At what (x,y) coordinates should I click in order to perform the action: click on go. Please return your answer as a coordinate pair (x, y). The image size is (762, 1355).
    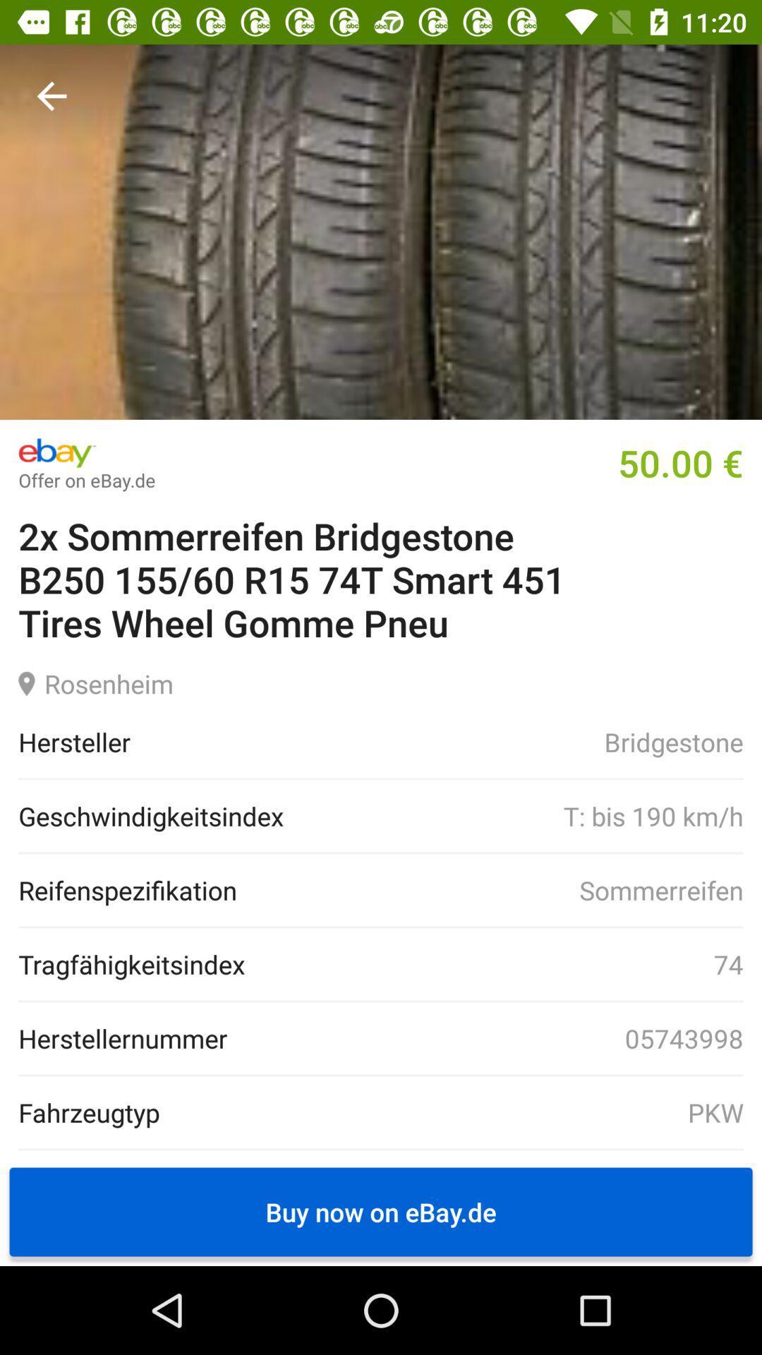
    Looking at the image, I should click on (51, 95).